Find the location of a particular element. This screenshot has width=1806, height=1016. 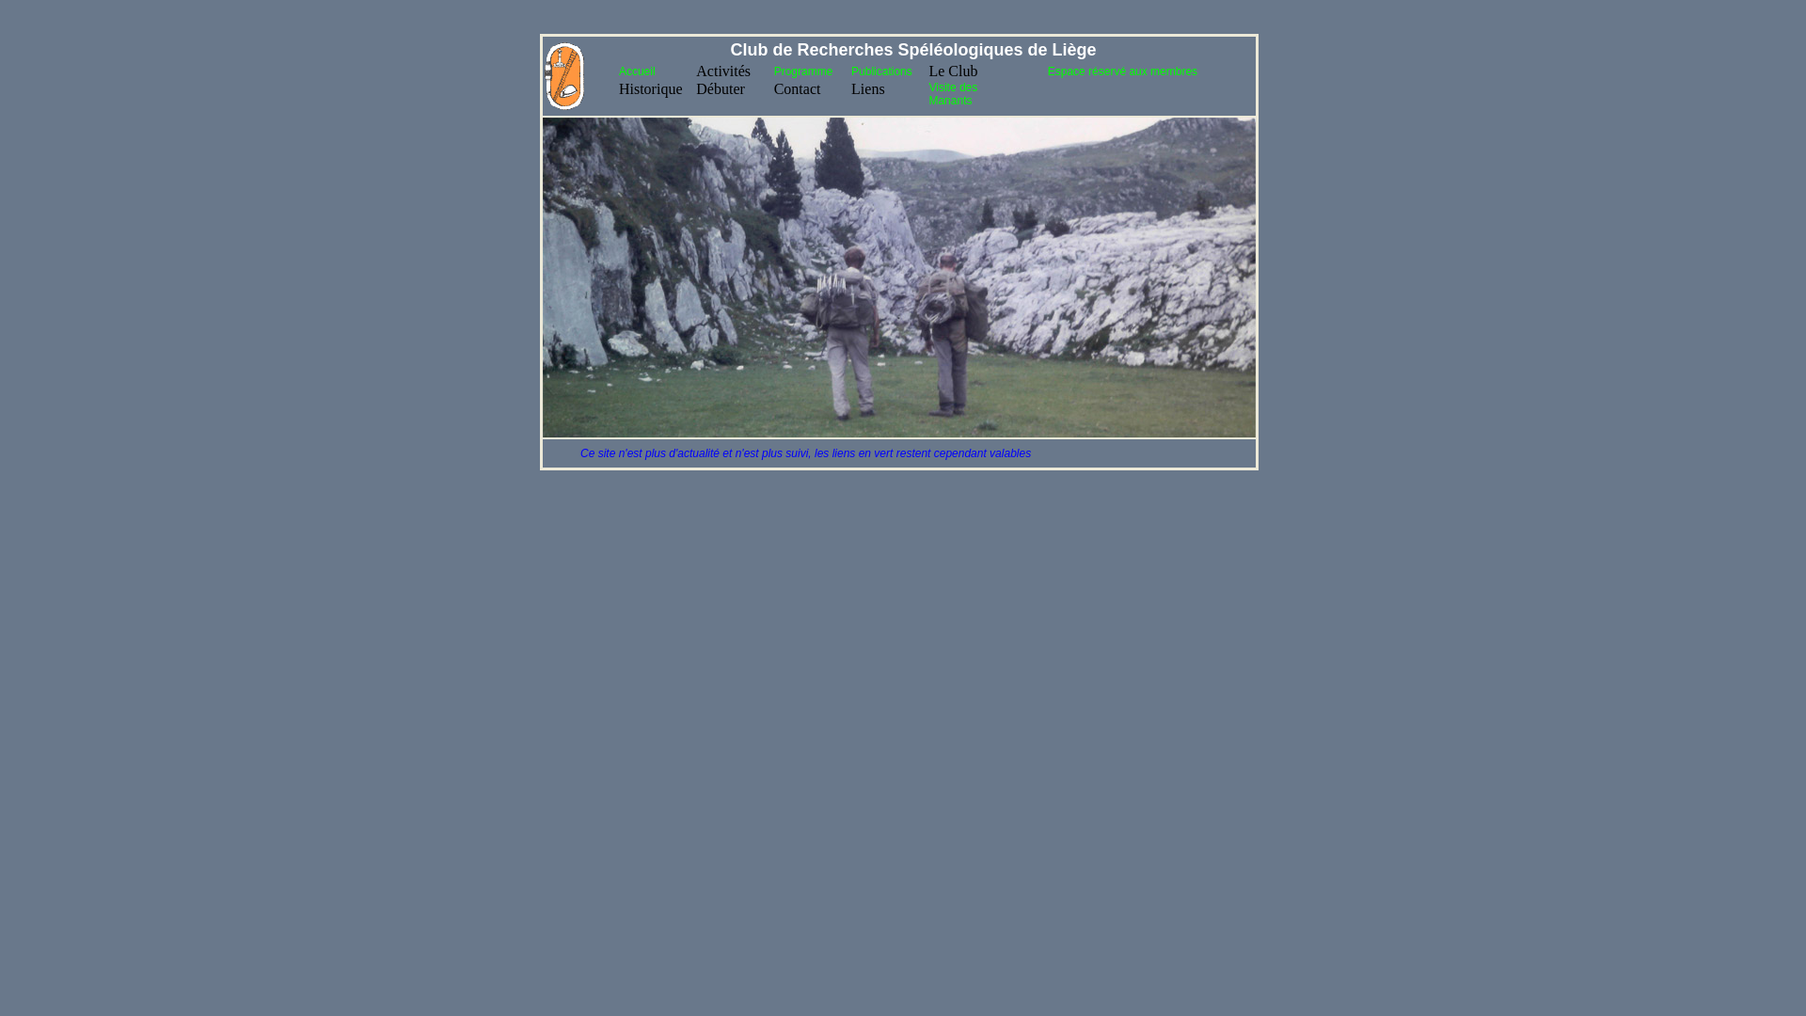

'Visite des is located at coordinates (952, 94).